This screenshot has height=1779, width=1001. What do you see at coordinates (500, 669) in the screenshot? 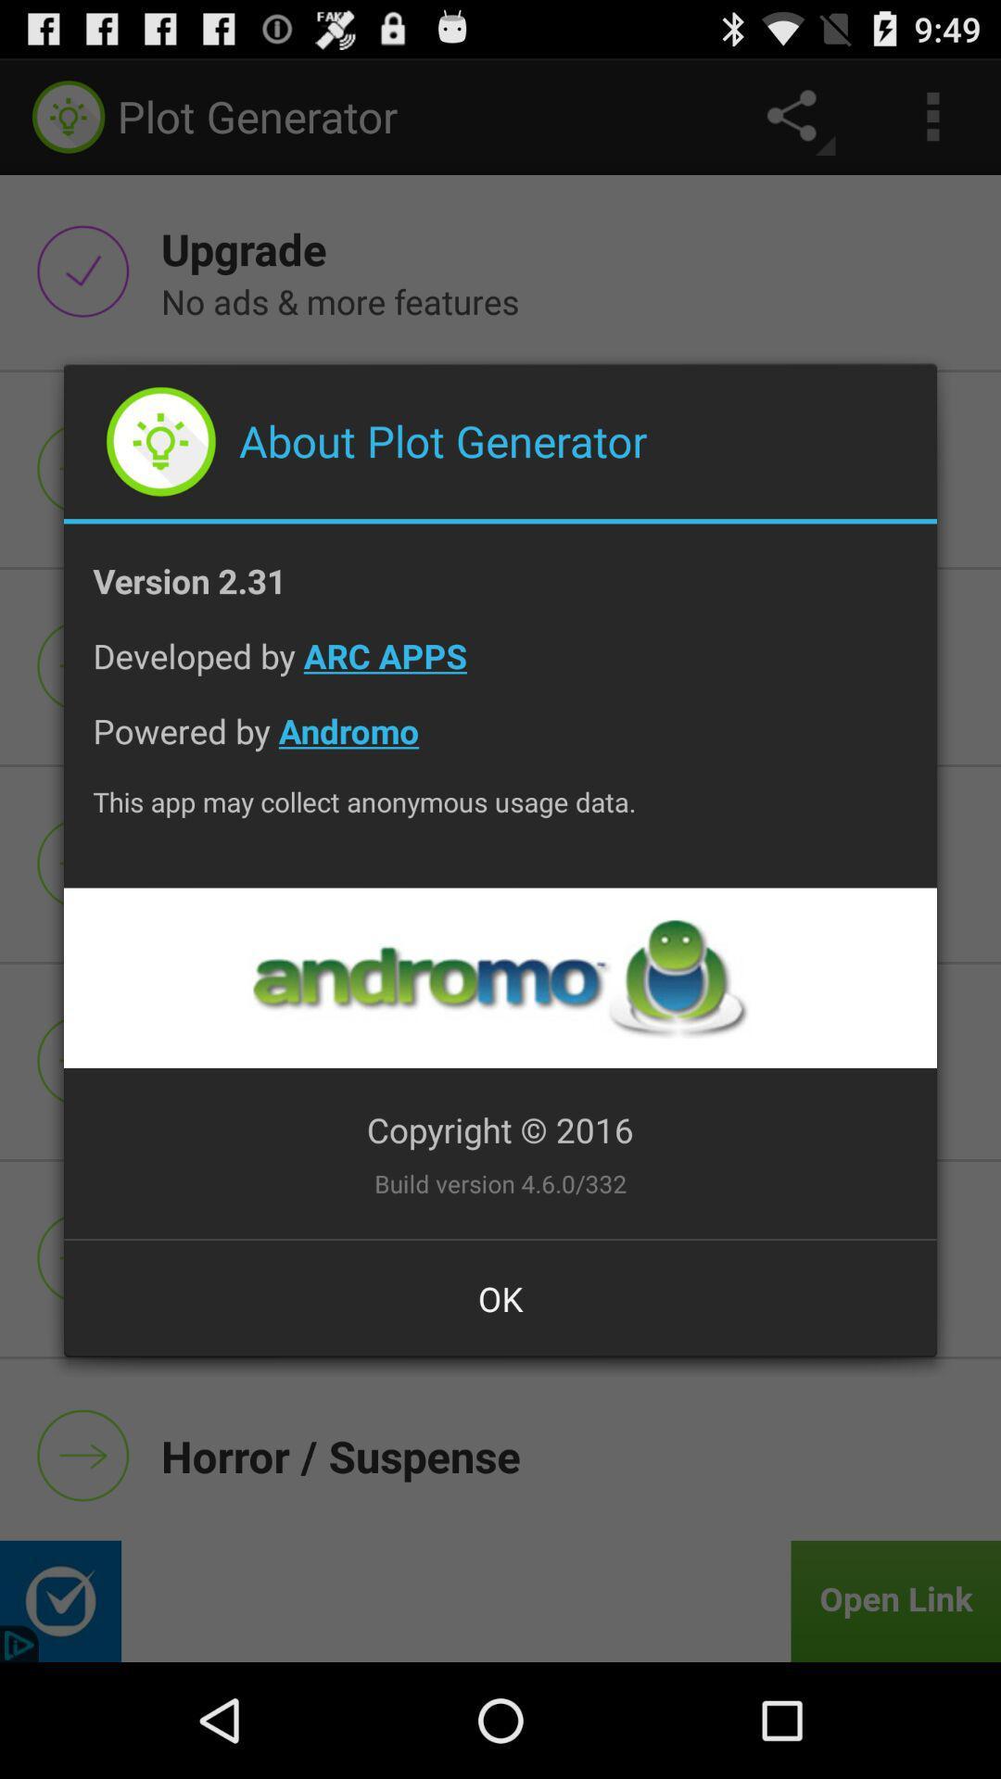
I see `the icon above powered by andromo item` at bounding box center [500, 669].